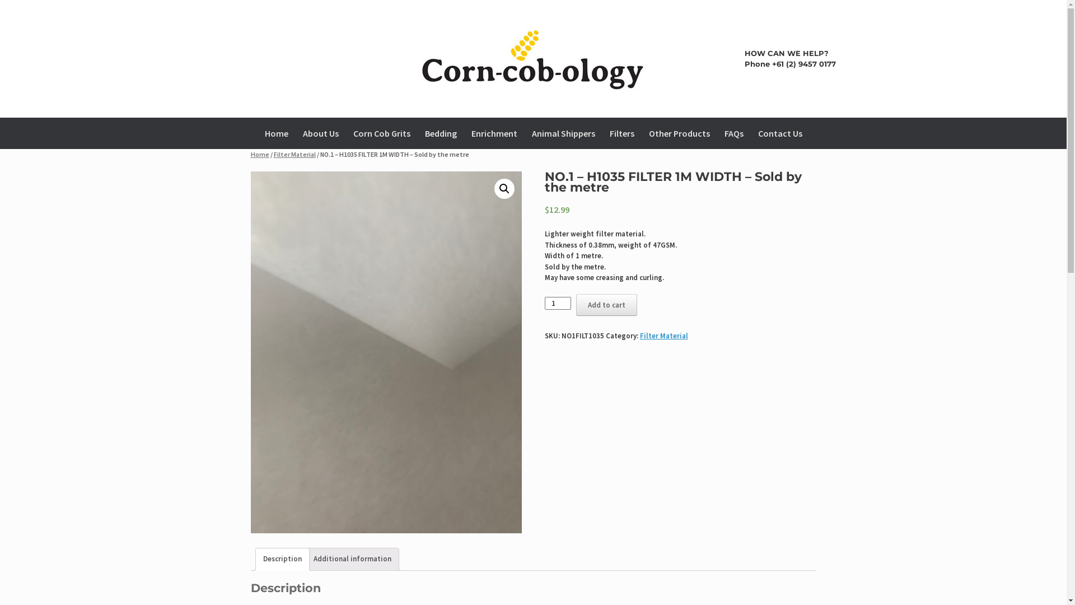 The image size is (1075, 605). What do you see at coordinates (558, 303) in the screenshot?
I see `'Qty'` at bounding box center [558, 303].